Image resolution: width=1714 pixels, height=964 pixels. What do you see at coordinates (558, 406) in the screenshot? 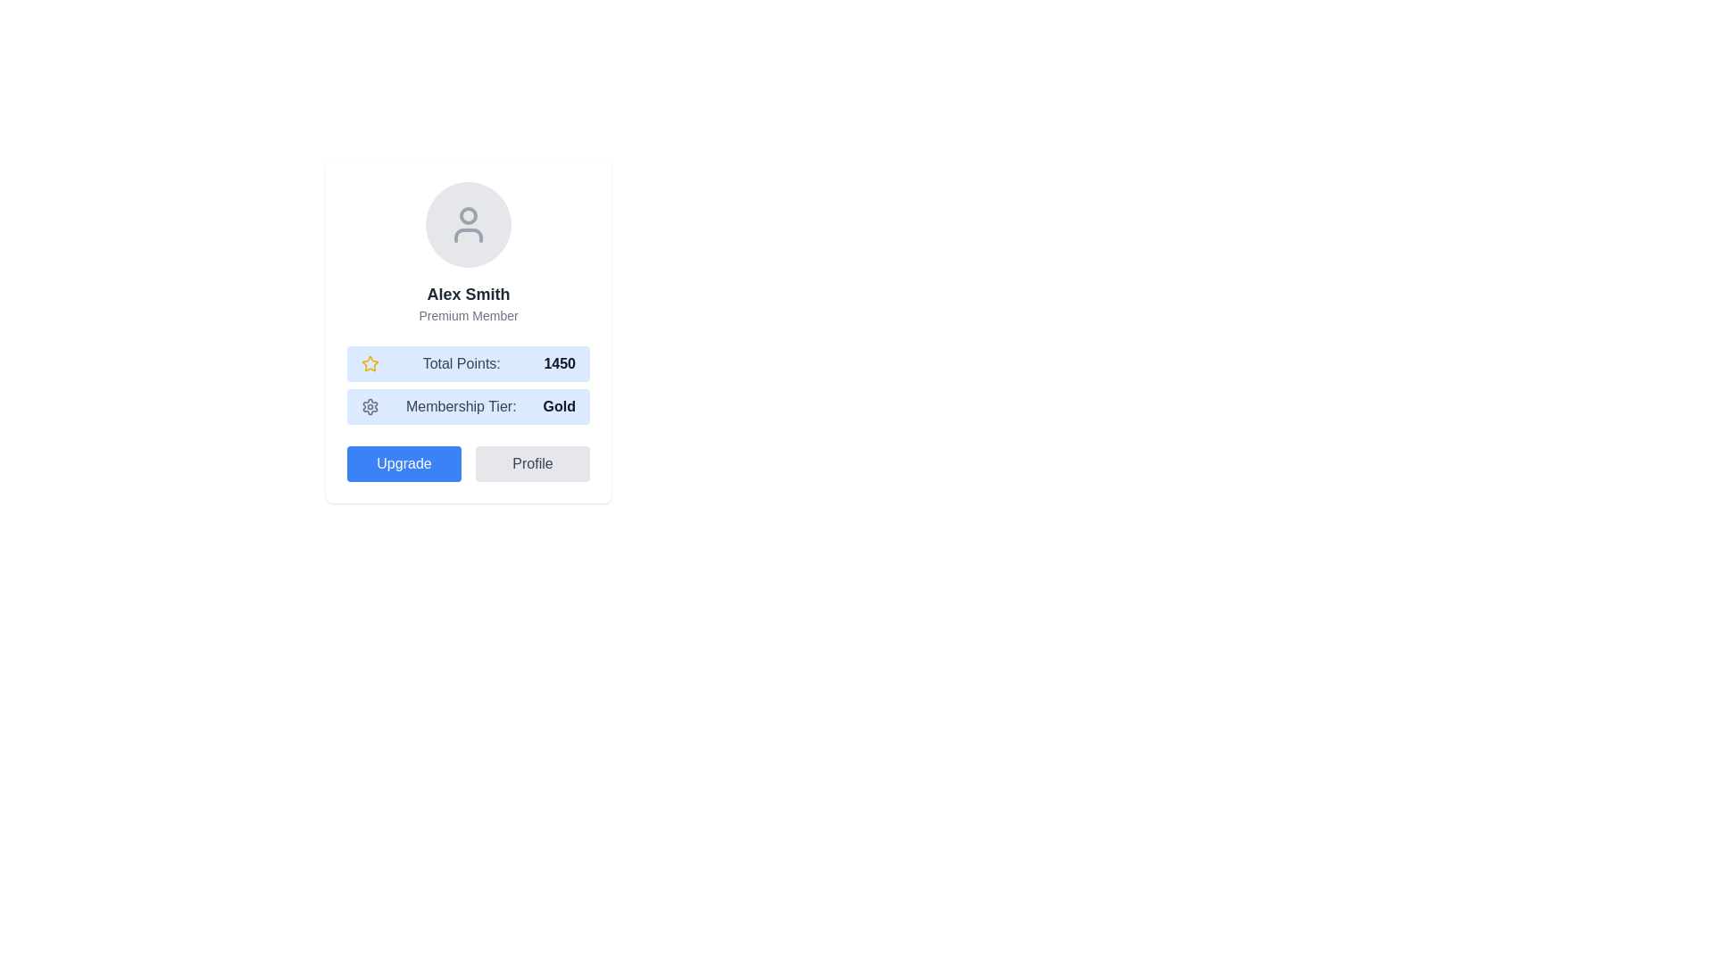
I see `the text label displaying the user's membership tier, located to the right of the 'Membership Tier:' text in the bottom center area of the card section` at bounding box center [558, 406].